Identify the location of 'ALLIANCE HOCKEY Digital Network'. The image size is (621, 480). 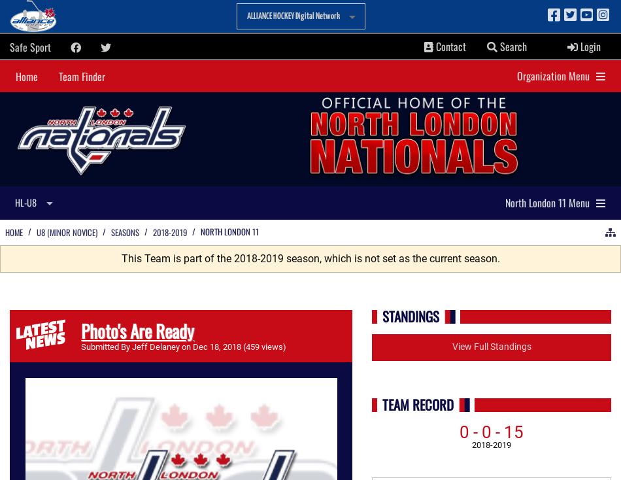
(292, 15).